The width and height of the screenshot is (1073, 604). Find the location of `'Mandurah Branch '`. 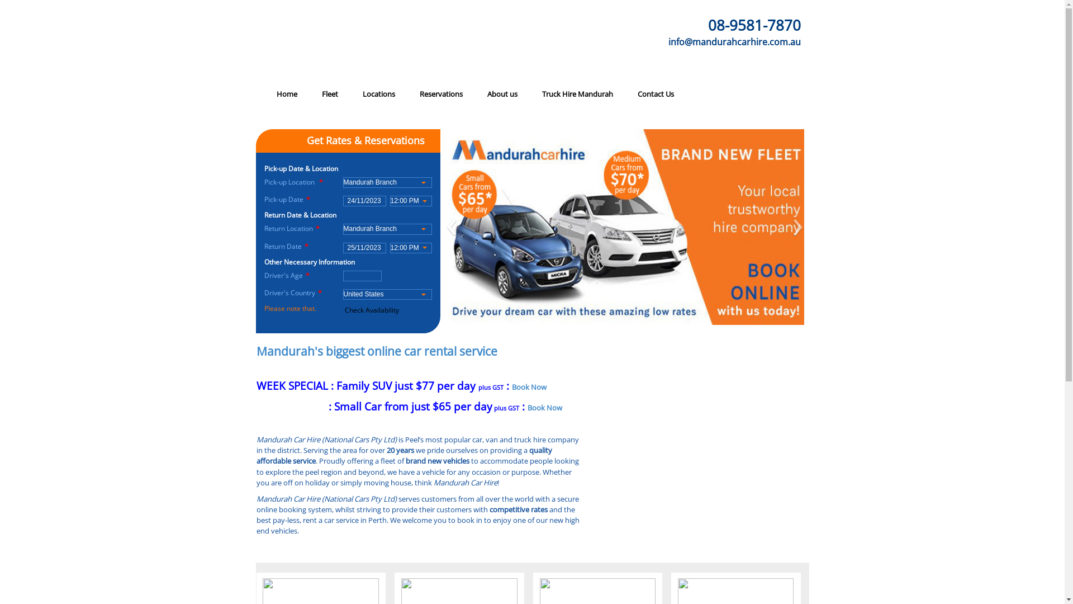

'Mandurah Branch ' is located at coordinates (387, 182).